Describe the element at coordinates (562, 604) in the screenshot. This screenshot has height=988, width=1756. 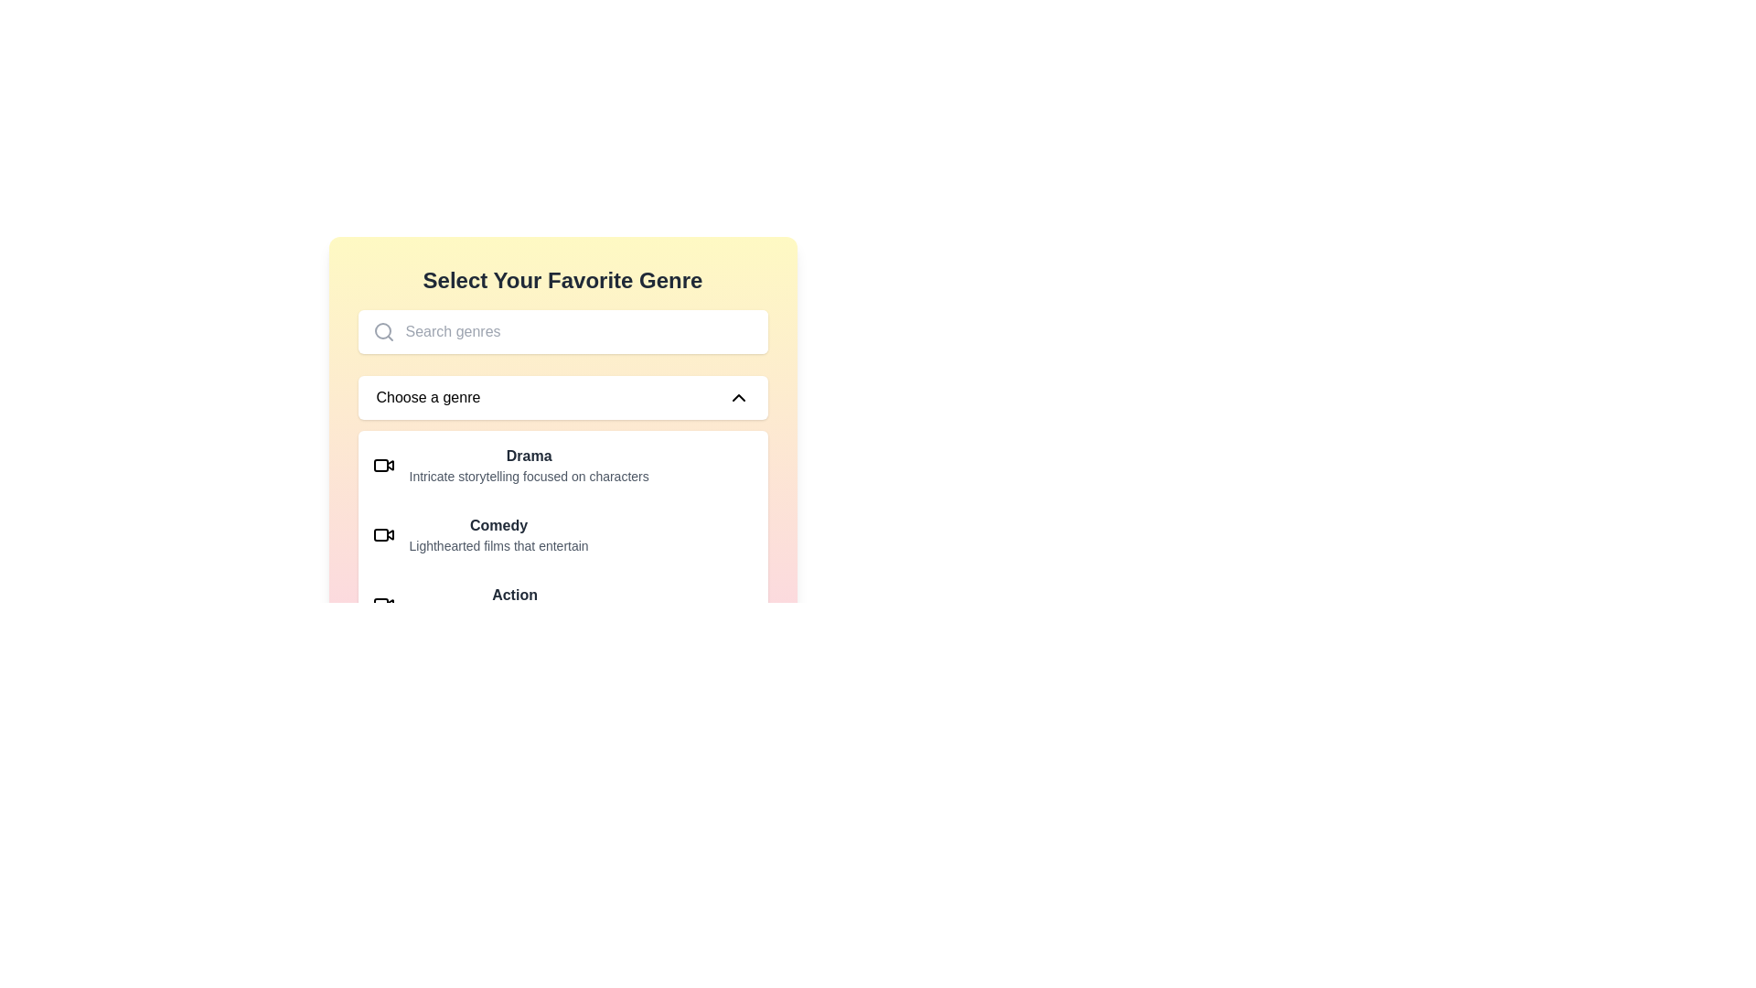
I see `the selectable list item titled 'Action' with a description 'High-paced films with amazing stunts'` at that location.